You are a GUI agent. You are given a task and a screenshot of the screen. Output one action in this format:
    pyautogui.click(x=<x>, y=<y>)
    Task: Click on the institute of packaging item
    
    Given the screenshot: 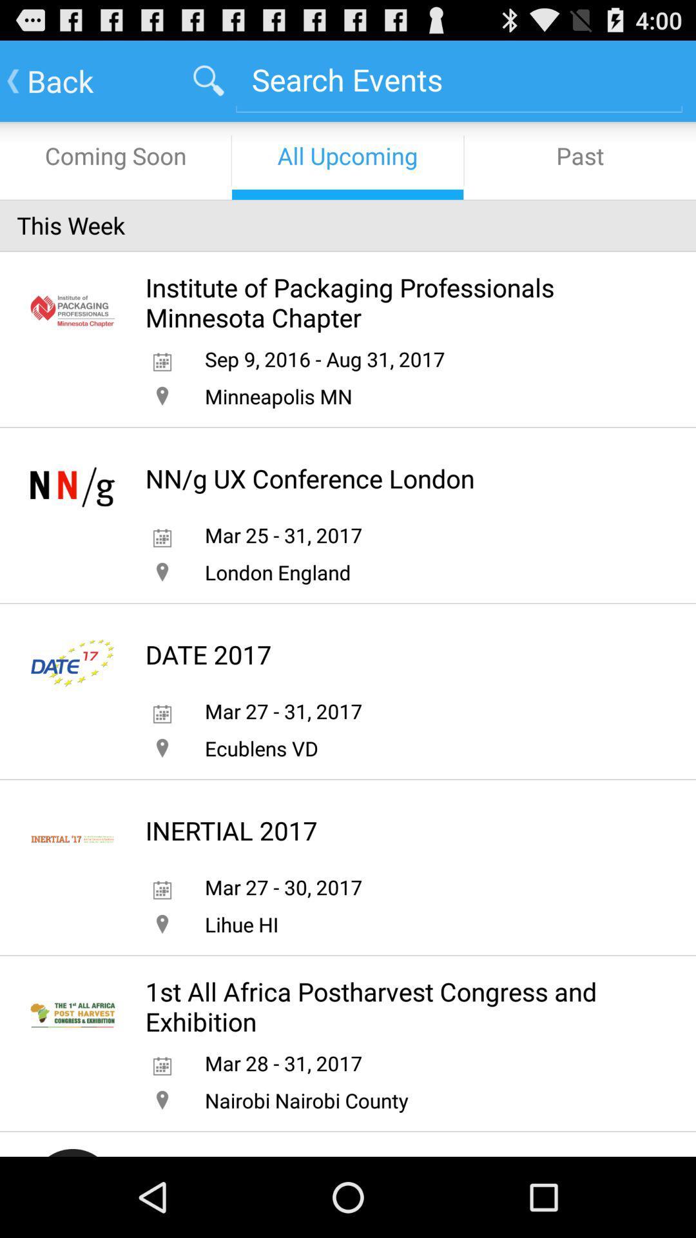 What is the action you would take?
    pyautogui.click(x=392, y=302)
    